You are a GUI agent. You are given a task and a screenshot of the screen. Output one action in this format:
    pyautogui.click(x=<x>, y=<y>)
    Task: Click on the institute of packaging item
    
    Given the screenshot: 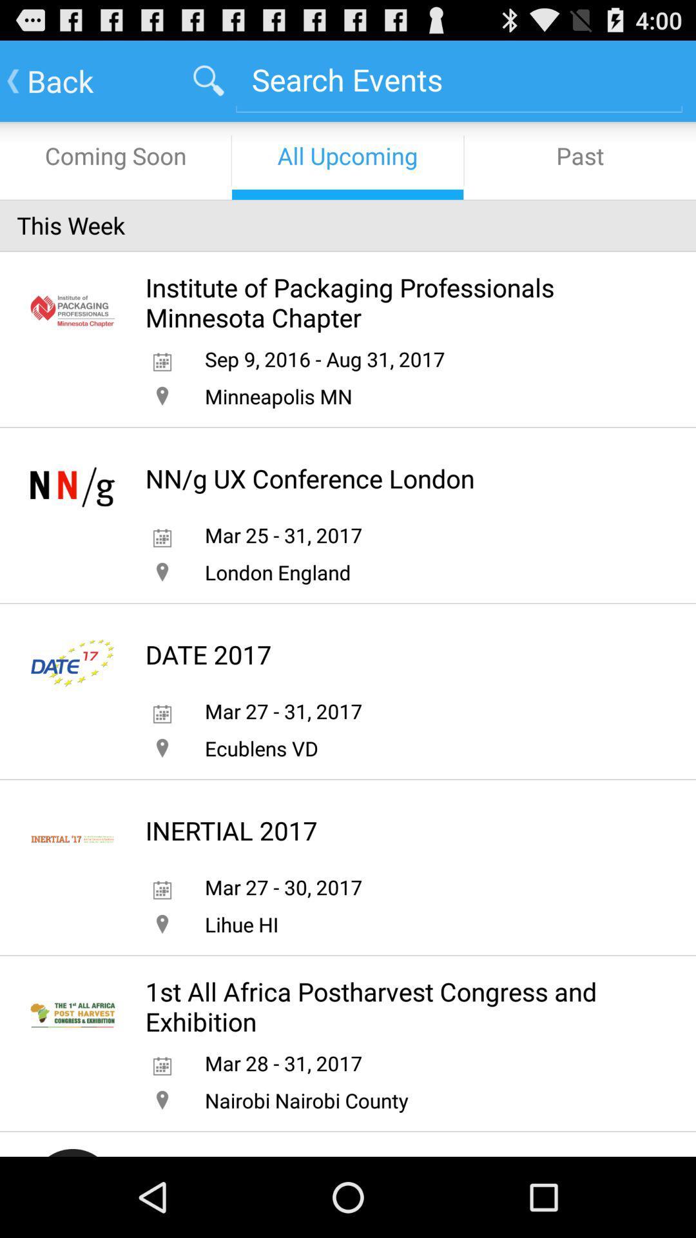 What is the action you would take?
    pyautogui.click(x=392, y=302)
    